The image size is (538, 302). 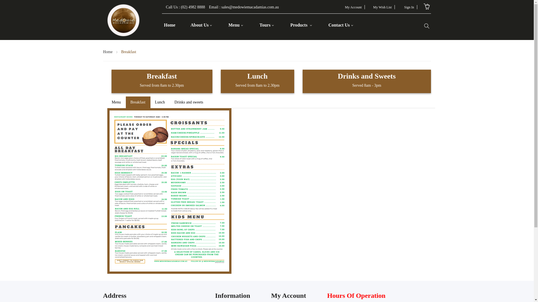 I want to click on 'Medowie Macadamias', so click(x=123, y=19).